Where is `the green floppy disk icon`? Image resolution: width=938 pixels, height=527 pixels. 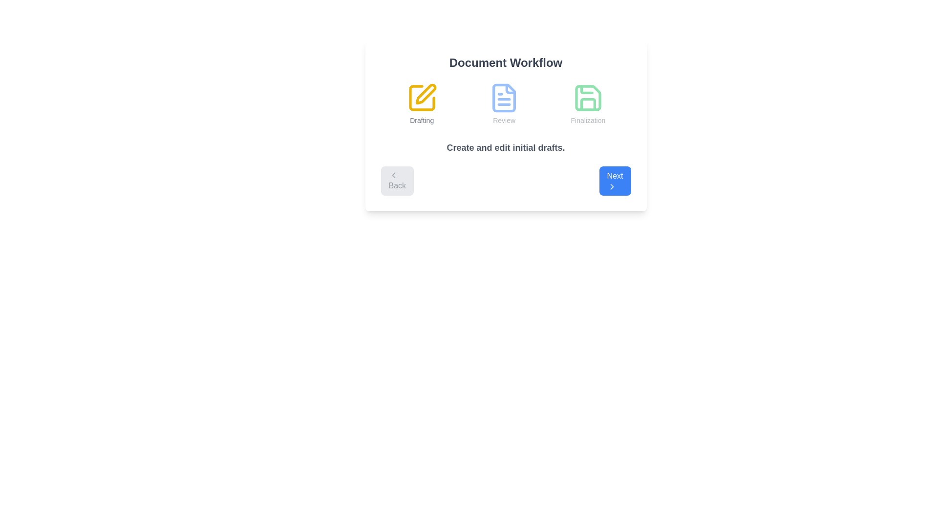
the green floppy disk icon is located at coordinates (587, 98).